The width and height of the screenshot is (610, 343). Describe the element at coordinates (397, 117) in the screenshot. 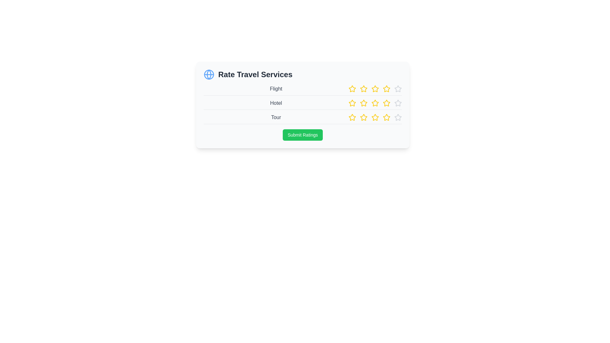

I see `the fifth star icon in the 'Tour' row to rate it` at that location.